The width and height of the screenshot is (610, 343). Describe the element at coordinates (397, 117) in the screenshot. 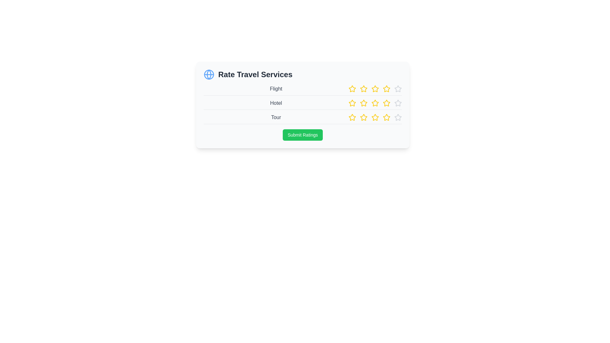

I see `the fifth star icon in the 'Tour' row to rate it` at that location.